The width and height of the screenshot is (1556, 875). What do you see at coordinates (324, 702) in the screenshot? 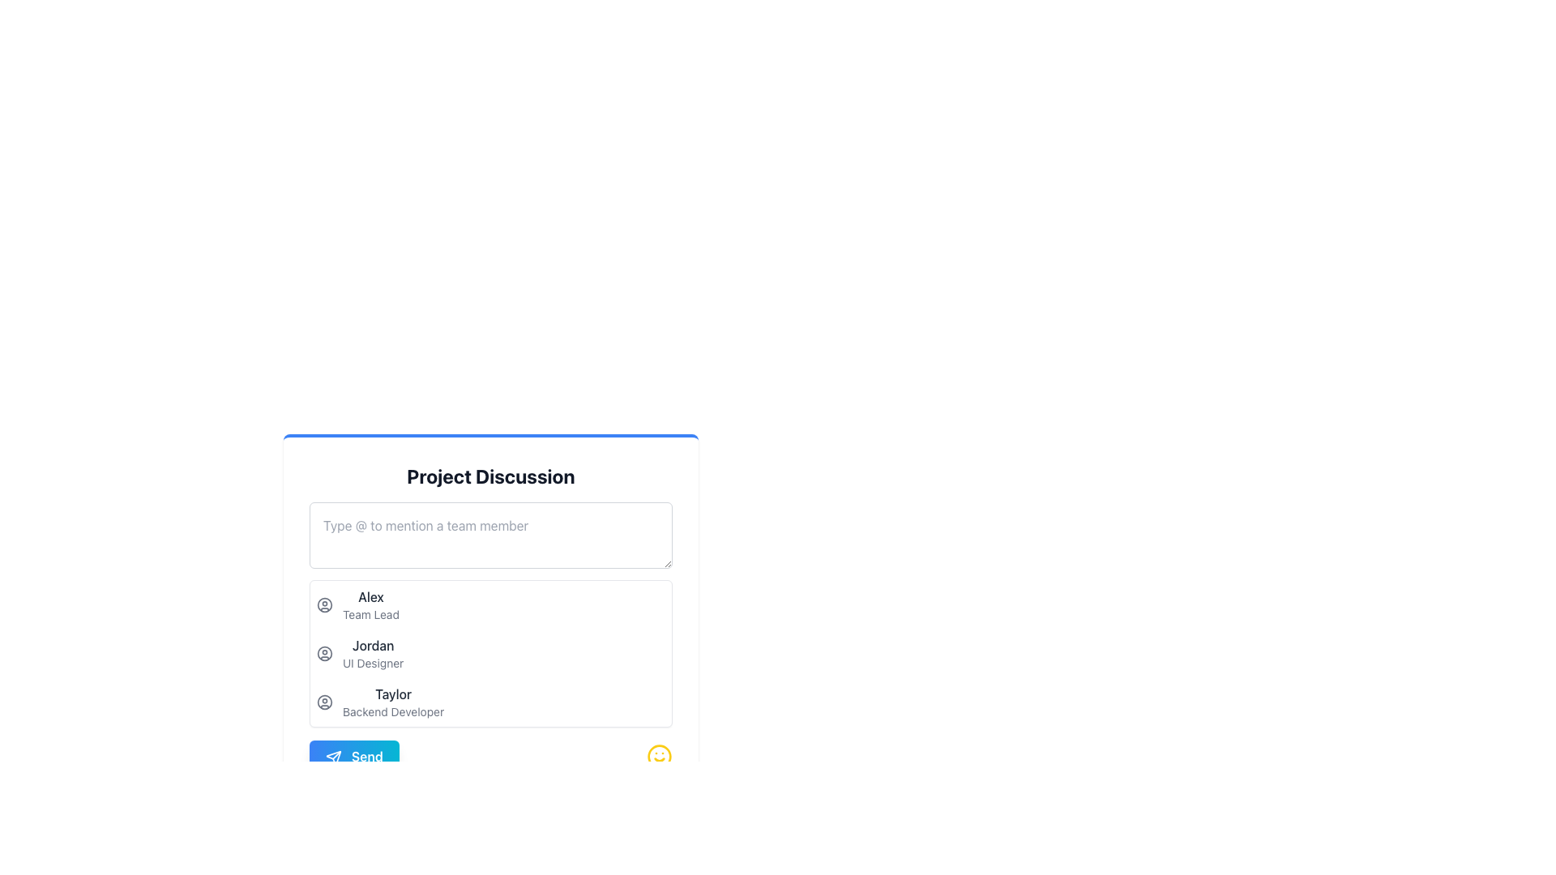
I see `the user profile icon for 'Taylor Backend Developer'` at bounding box center [324, 702].